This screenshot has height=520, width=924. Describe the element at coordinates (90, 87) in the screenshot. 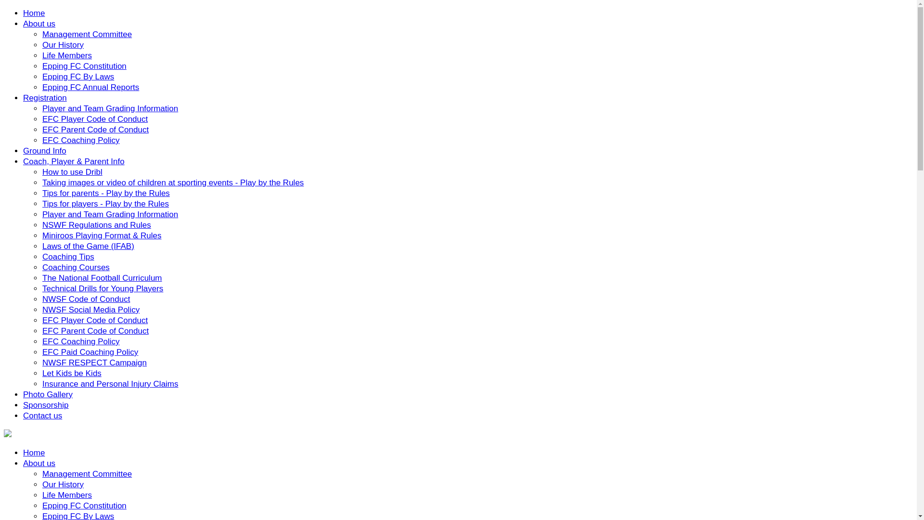

I see `'Epping FC Annual Reports'` at that location.